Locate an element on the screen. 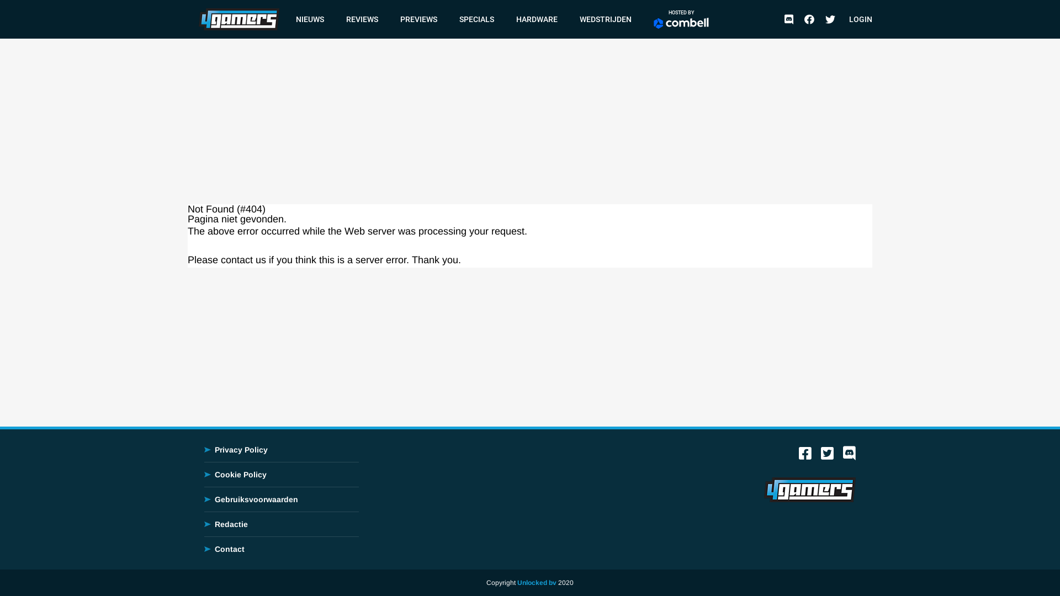 Image resolution: width=1060 pixels, height=596 pixels. 'LOGIN' is located at coordinates (860, 19).